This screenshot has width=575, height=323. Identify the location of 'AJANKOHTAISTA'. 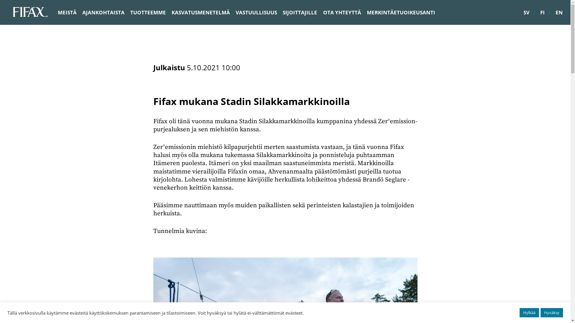
(103, 12).